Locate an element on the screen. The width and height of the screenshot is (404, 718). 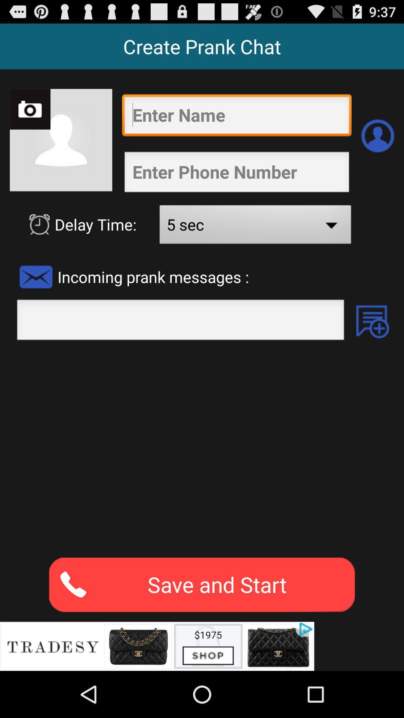
description is located at coordinates (202, 449).